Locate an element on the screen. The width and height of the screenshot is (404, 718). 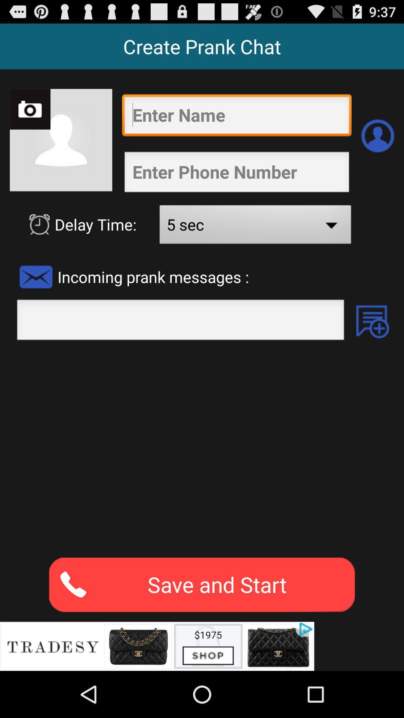
description is located at coordinates (202, 449).